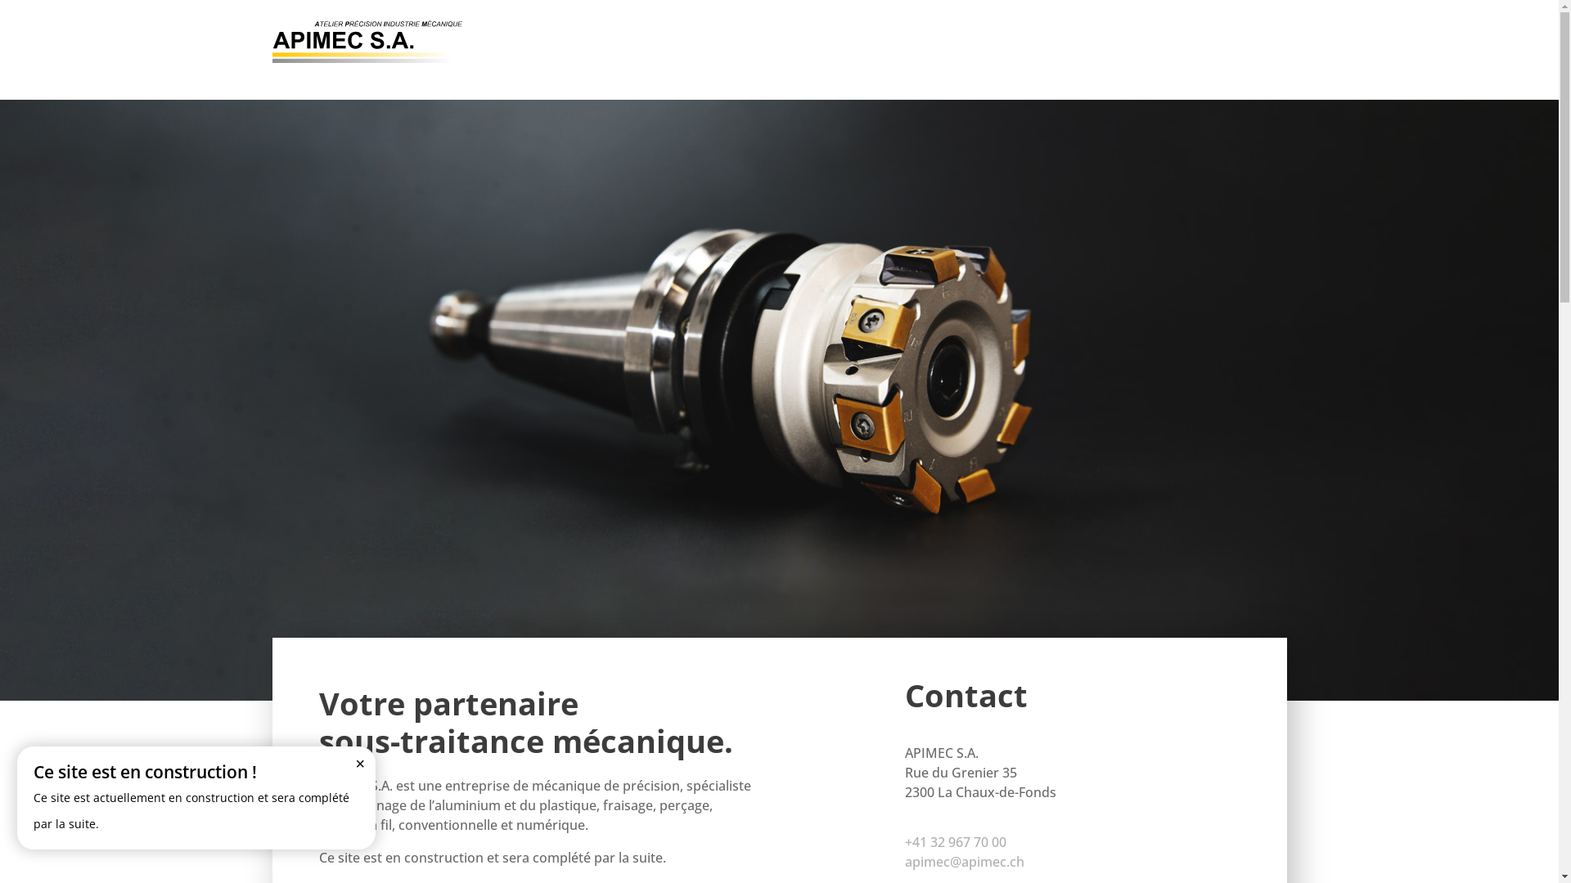 This screenshot has height=883, width=1571. Describe the element at coordinates (955, 841) in the screenshot. I see `'+41 32 967 70 00'` at that location.